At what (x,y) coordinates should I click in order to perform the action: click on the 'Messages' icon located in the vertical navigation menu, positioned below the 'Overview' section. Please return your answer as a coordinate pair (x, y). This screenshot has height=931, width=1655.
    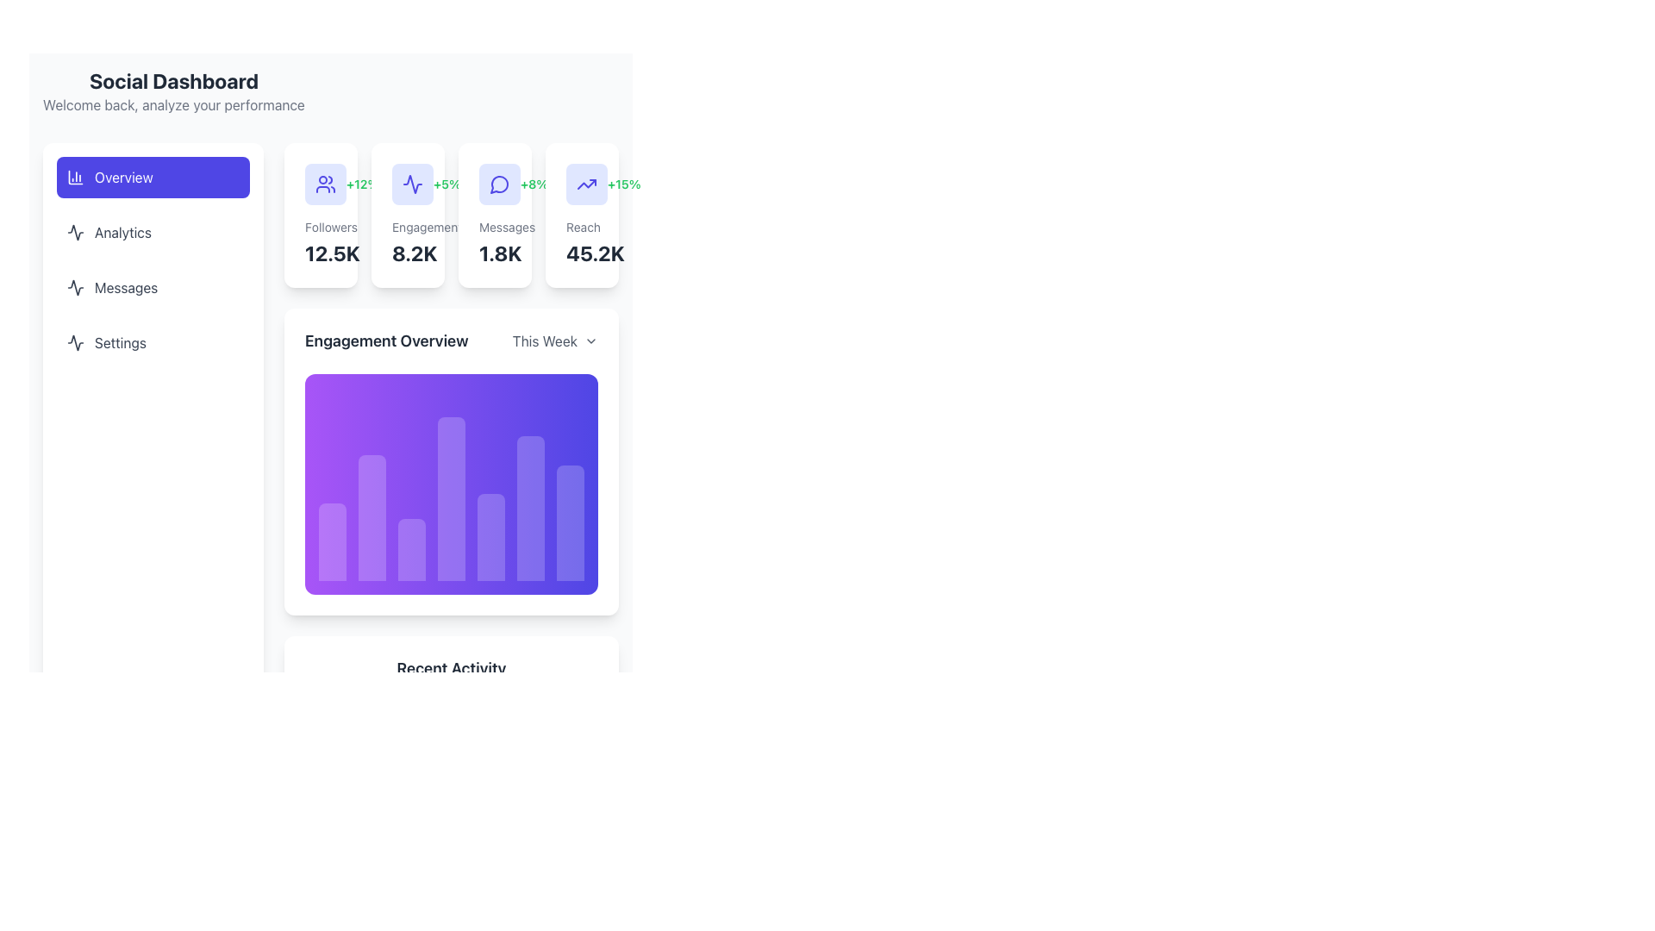
    Looking at the image, I should click on (74, 287).